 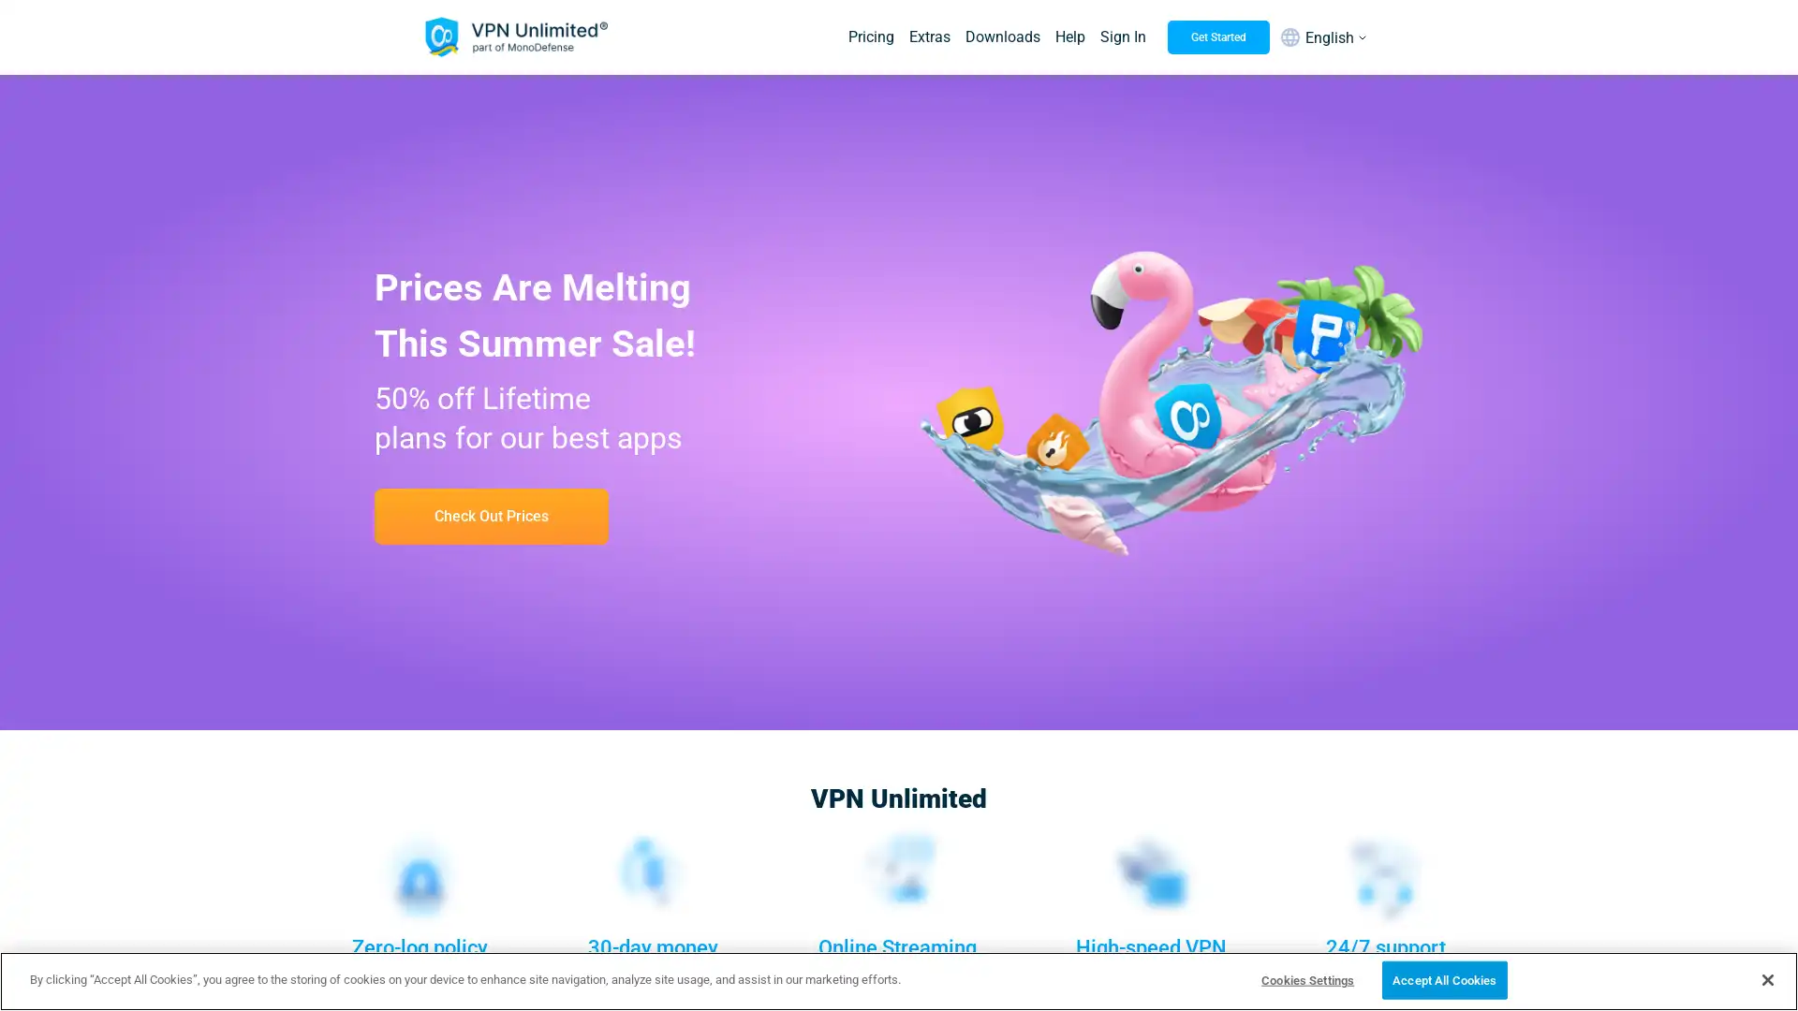 I want to click on Accept All Cookies, so click(x=1443, y=978).